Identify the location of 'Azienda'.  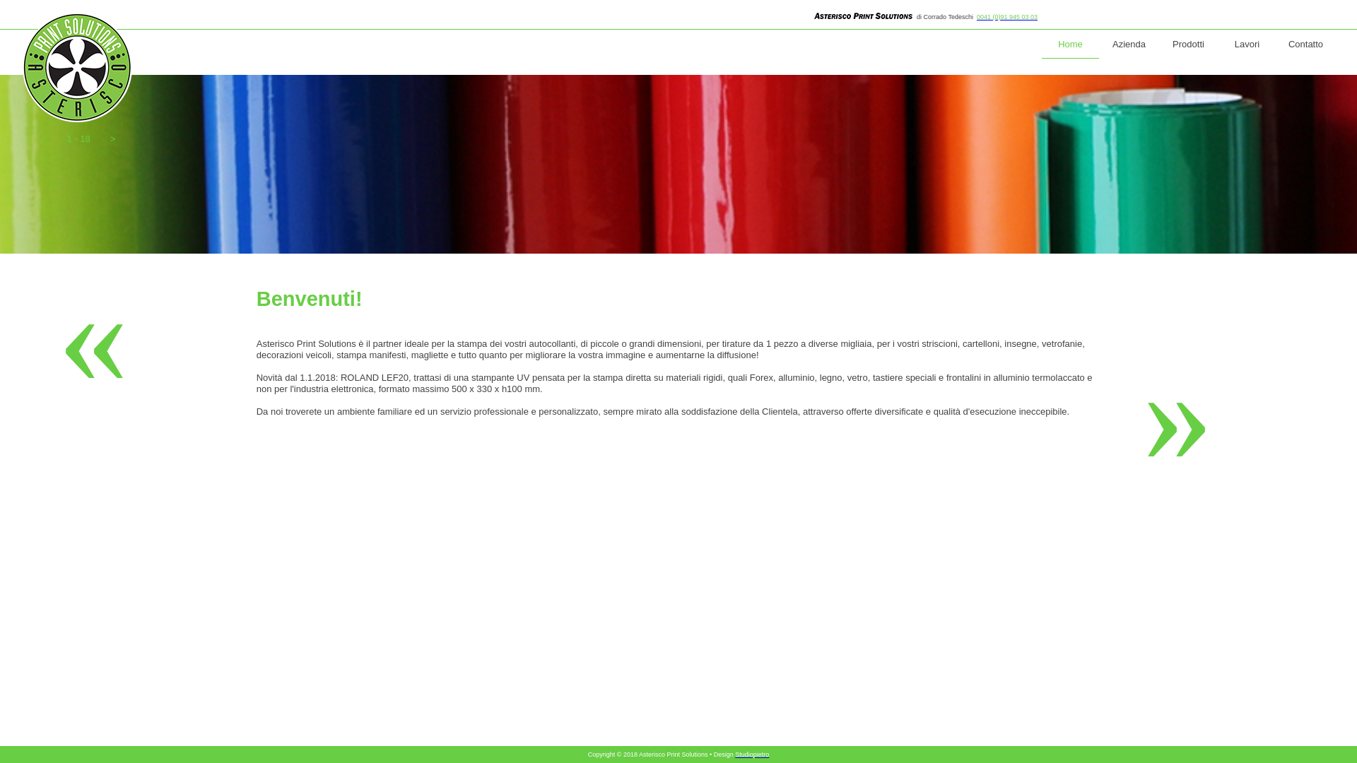
(1128, 44).